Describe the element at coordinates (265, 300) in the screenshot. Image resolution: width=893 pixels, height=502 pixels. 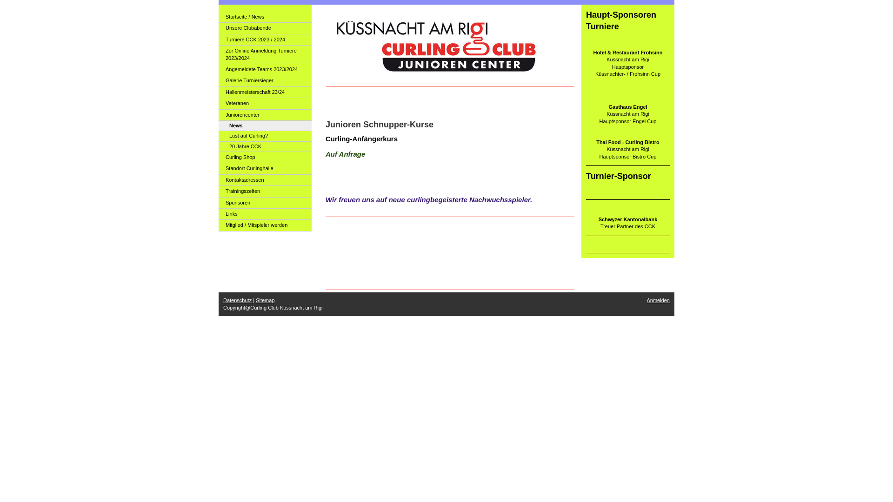
I see `'Sitemap'` at that location.